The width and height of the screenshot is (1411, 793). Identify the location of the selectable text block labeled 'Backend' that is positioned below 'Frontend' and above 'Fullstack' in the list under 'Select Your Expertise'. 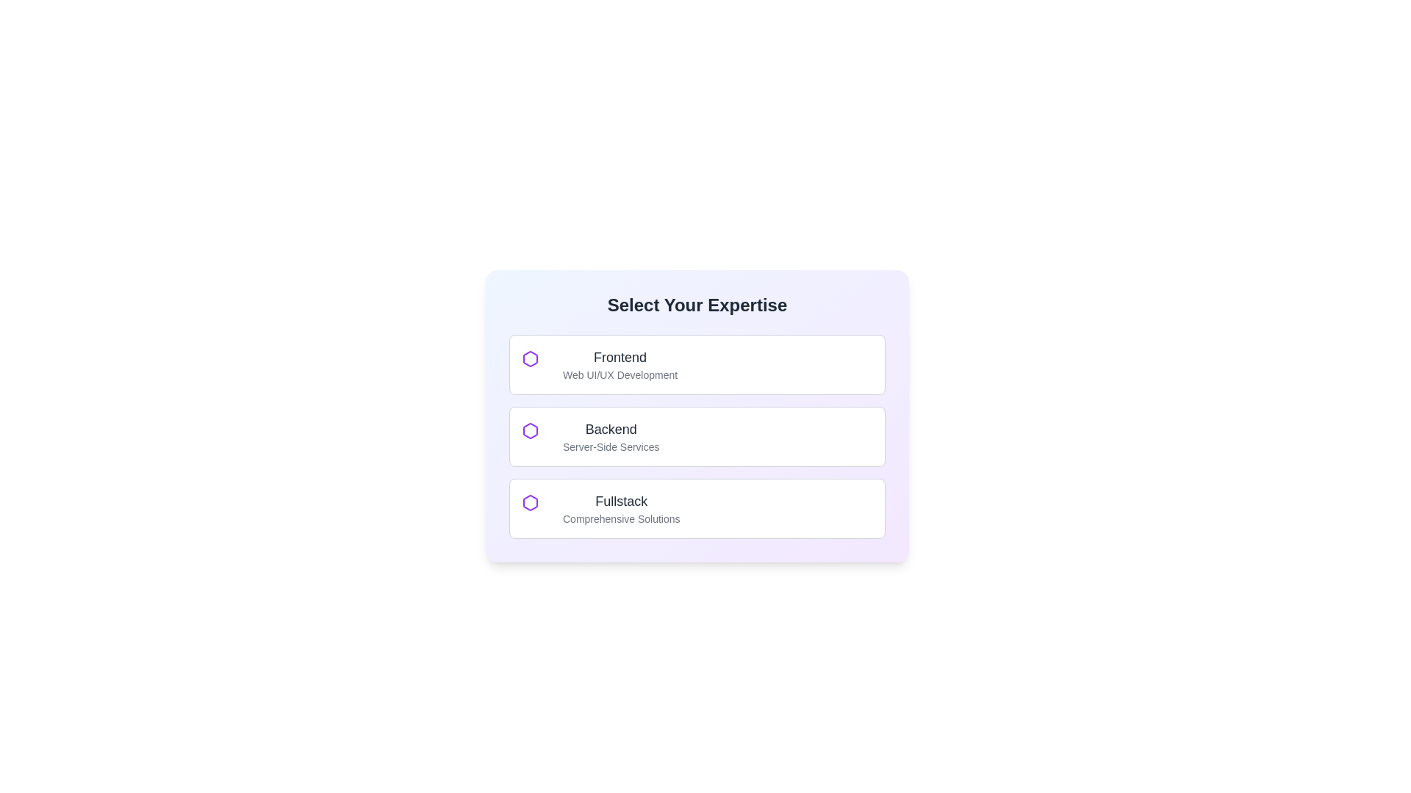
(611, 435).